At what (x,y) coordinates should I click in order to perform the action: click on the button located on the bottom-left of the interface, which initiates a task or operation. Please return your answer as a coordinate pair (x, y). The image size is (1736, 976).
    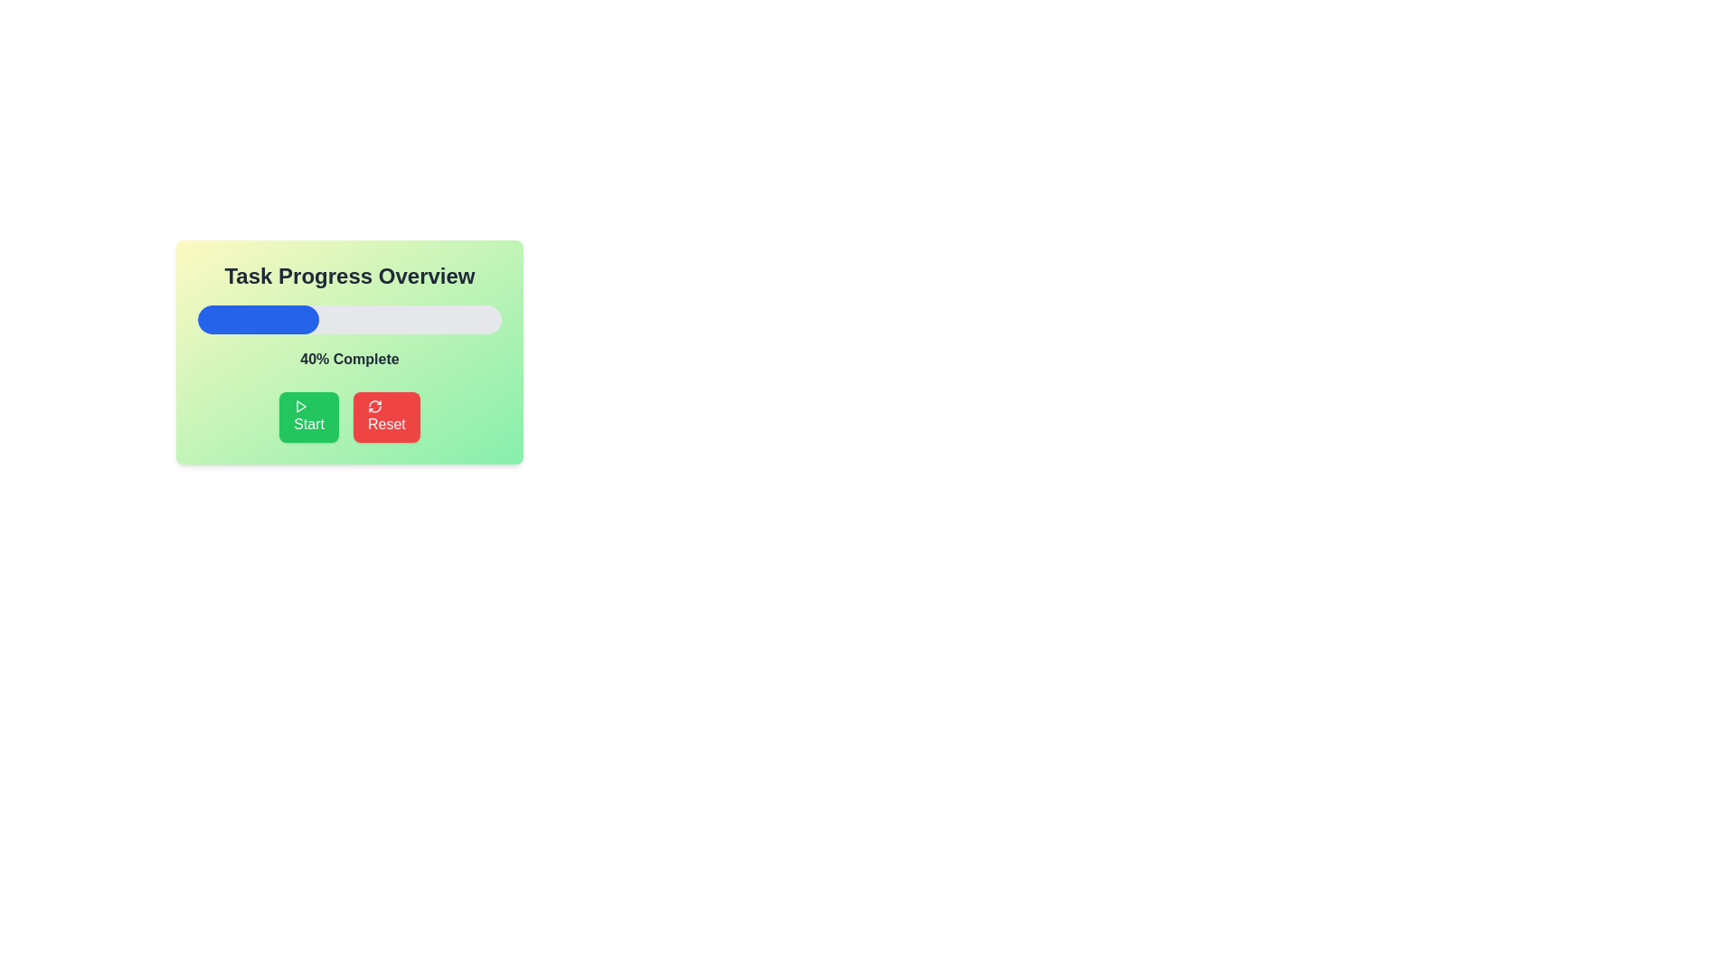
    Looking at the image, I should click on (308, 418).